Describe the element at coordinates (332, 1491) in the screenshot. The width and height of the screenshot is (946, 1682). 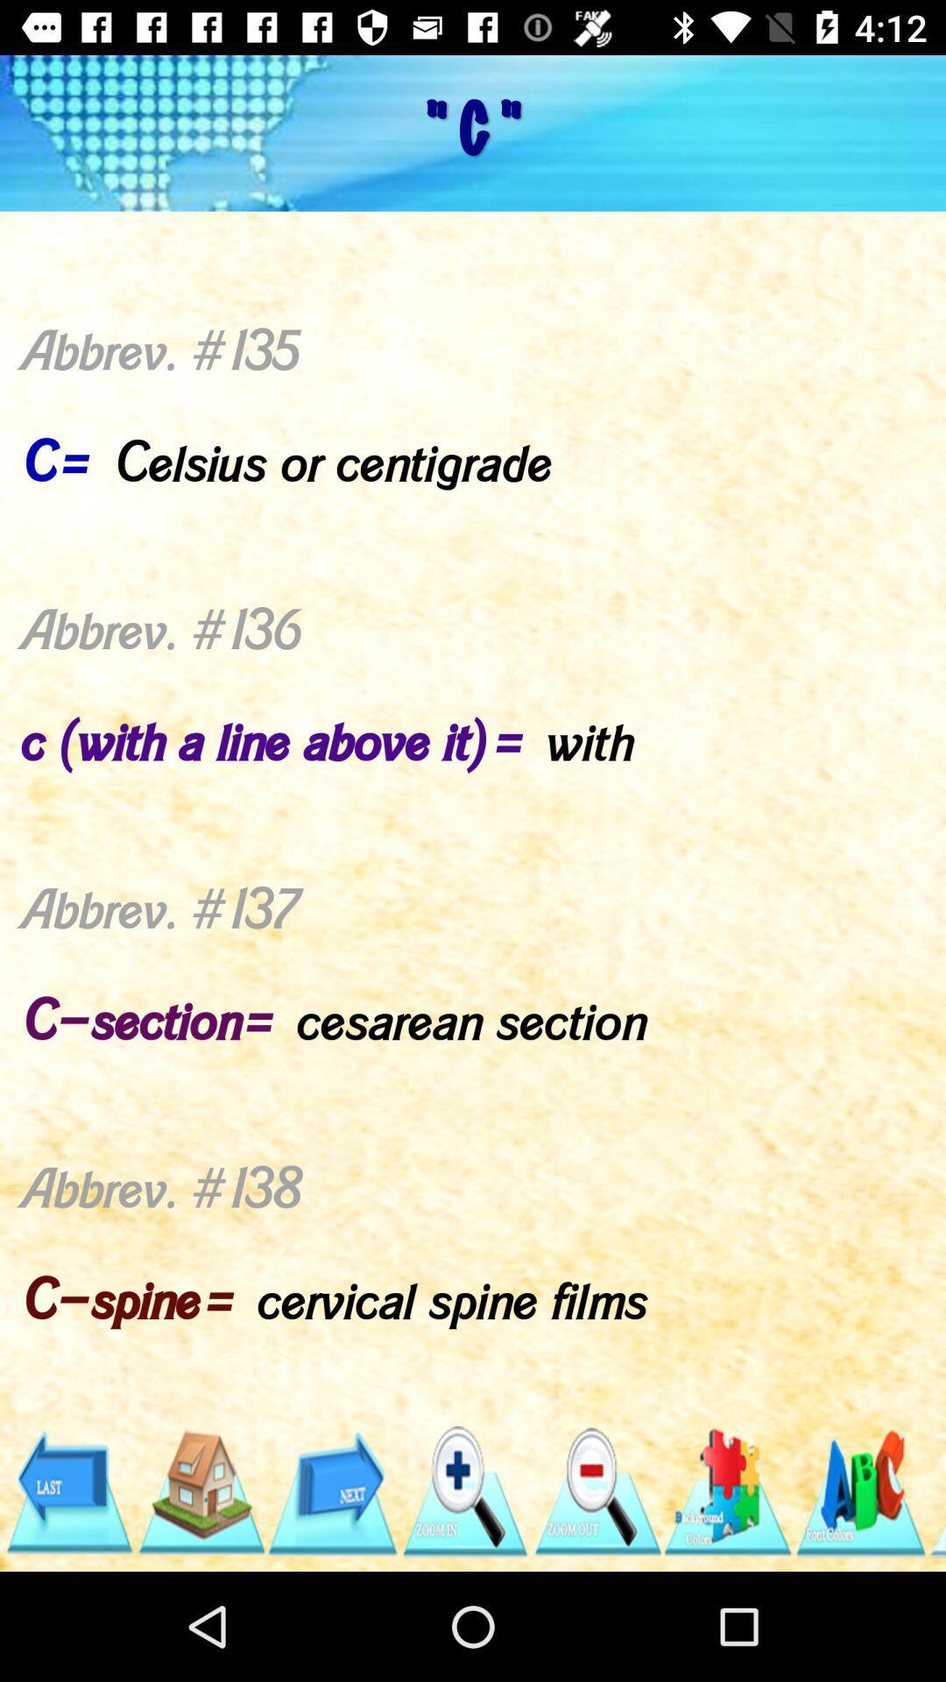
I see `go forward` at that location.